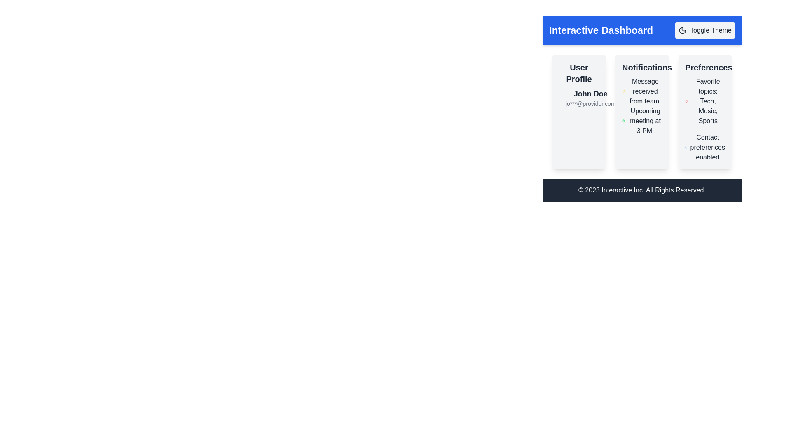  Describe the element at coordinates (590, 103) in the screenshot. I see `the muted gray email text located under the bold 'John Doe' username in the user profile card` at that location.